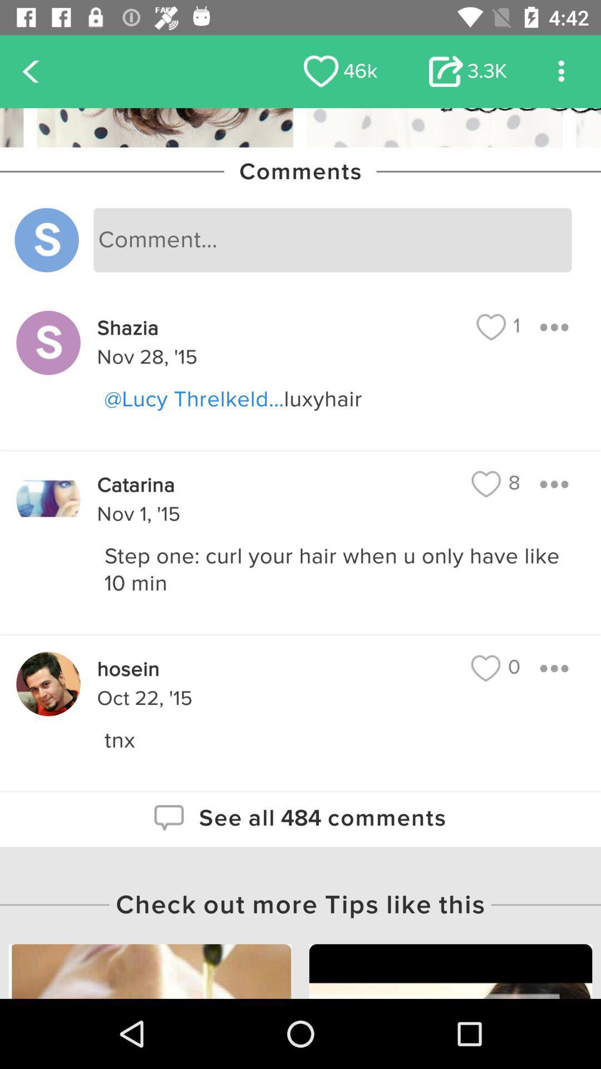 This screenshot has height=1069, width=601. Describe the element at coordinates (332, 239) in the screenshot. I see `comment text box` at that location.